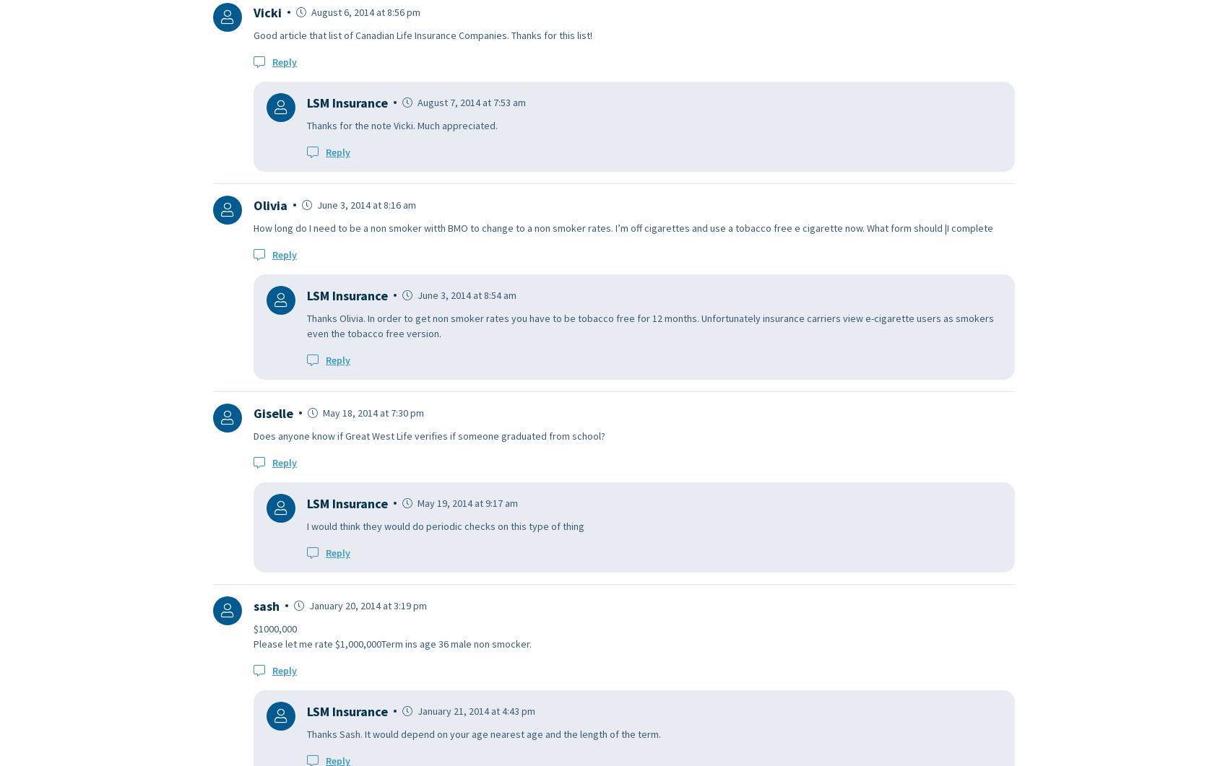 The image size is (1228, 766). What do you see at coordinates (428, 434) in the screenshot?
I see `'Does anyone know if Great West Life verifies if someone graduated from school?'` at bounding box center [428, 434].